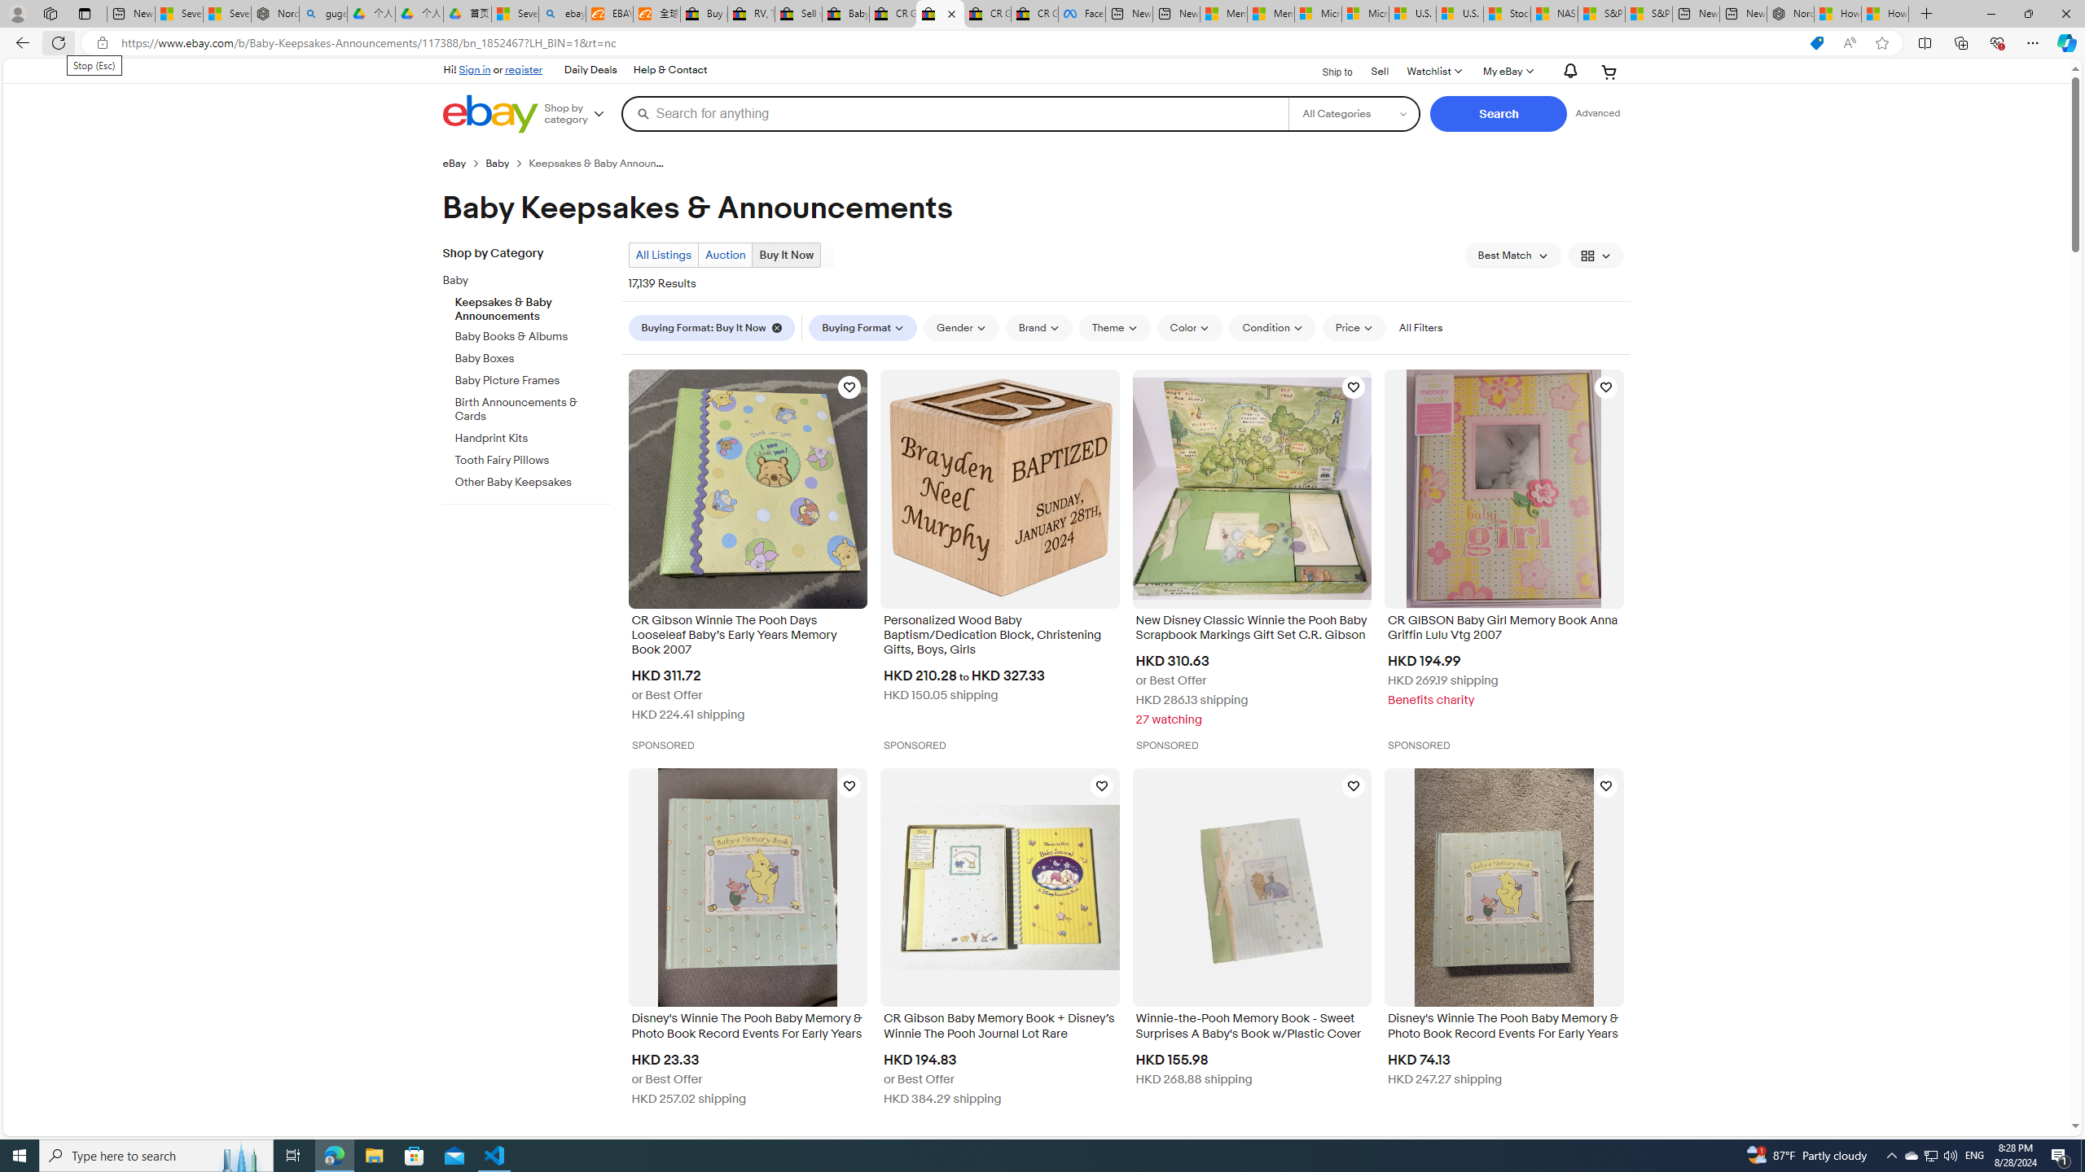 Image resolution: width=2085 pixels, height=1172 pixels. I want to click on 'guge yunpan - Search', so click(322, 13).